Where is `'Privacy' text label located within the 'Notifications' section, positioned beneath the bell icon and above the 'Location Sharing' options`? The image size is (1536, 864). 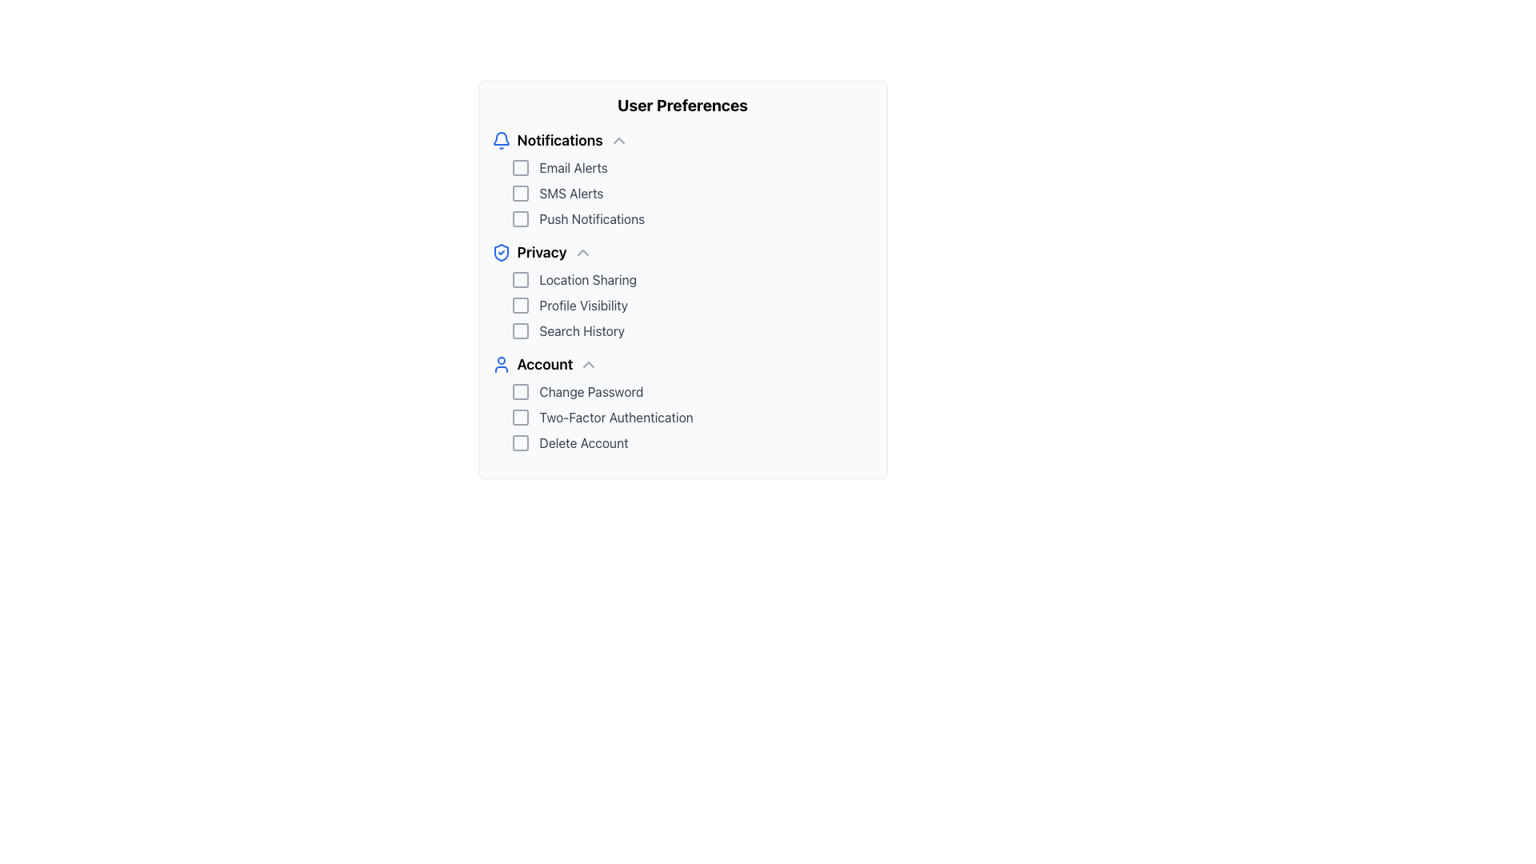
'Privacy' text label located within the 'Notifications' section, positioned beneath the bell icon and above the 'Location Sharing' options is located at coordinates (542, 252).